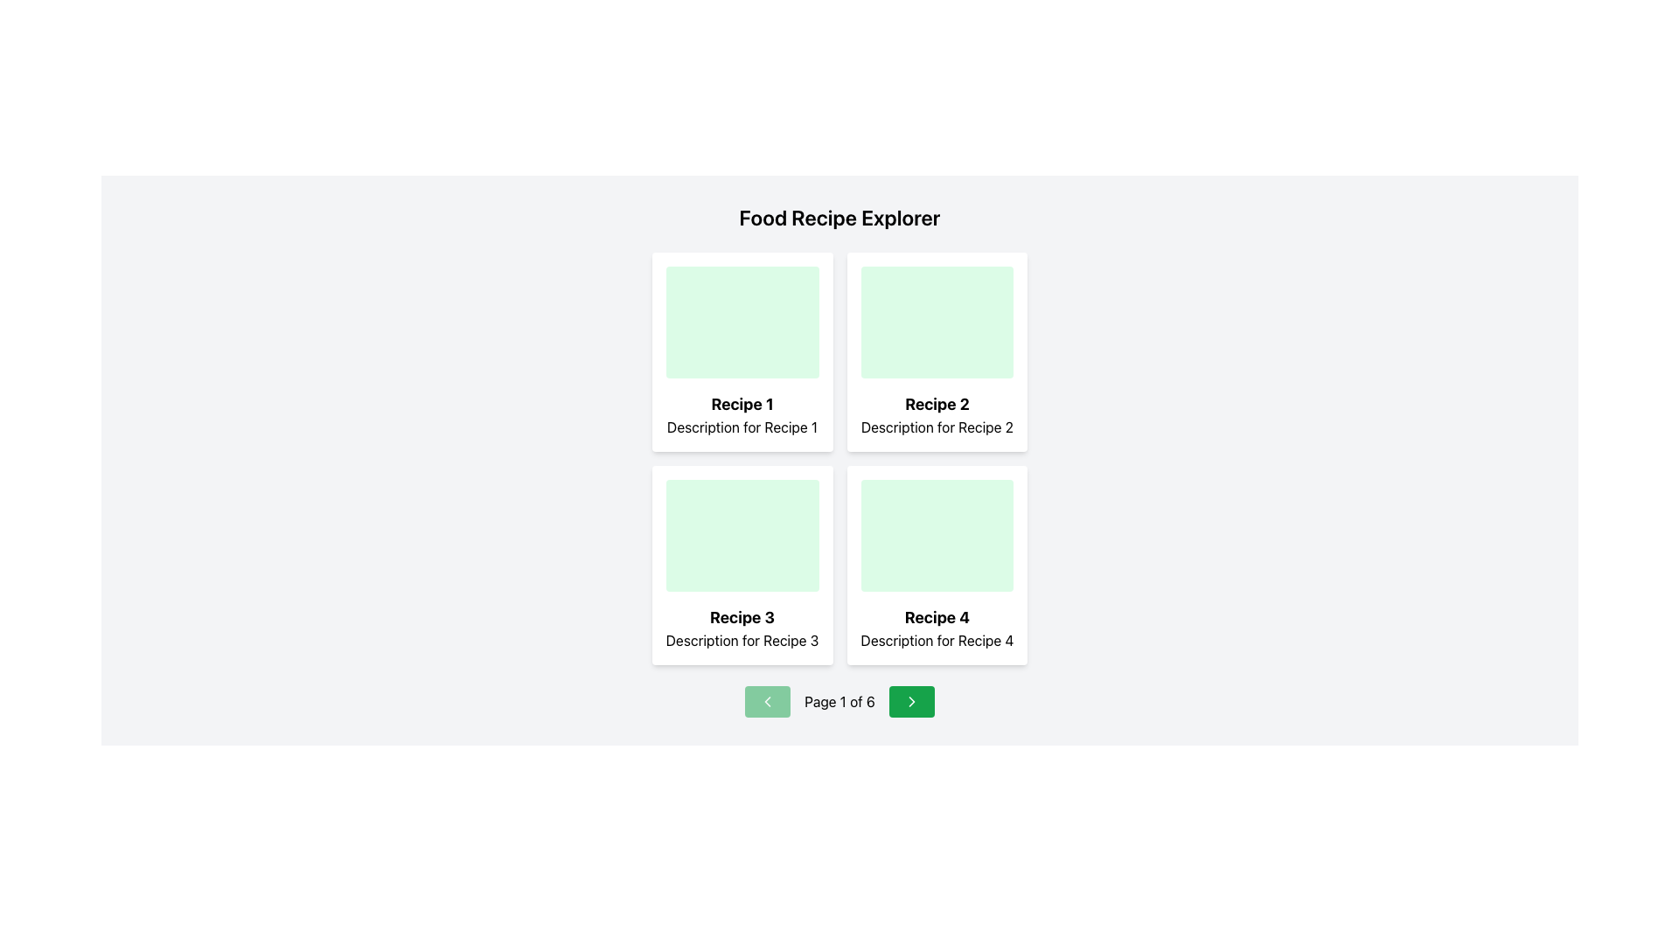 The height and width of the screenshot is (944, 1679). I want to click on the visually minimalistic green rectangular field with rounded corners located at the top of the 'Recipe 1' card, so click(742, 323).